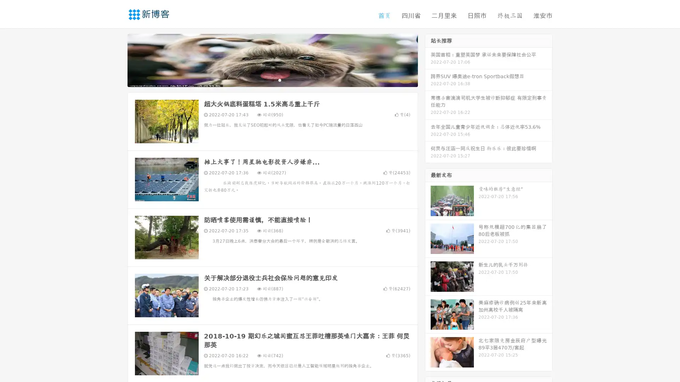 The height and width of the screenshot is (382, 680). What do you see at coordinates (428, 59) in the screenshot?
I see `Next slide` at bounding box center [428, 59].